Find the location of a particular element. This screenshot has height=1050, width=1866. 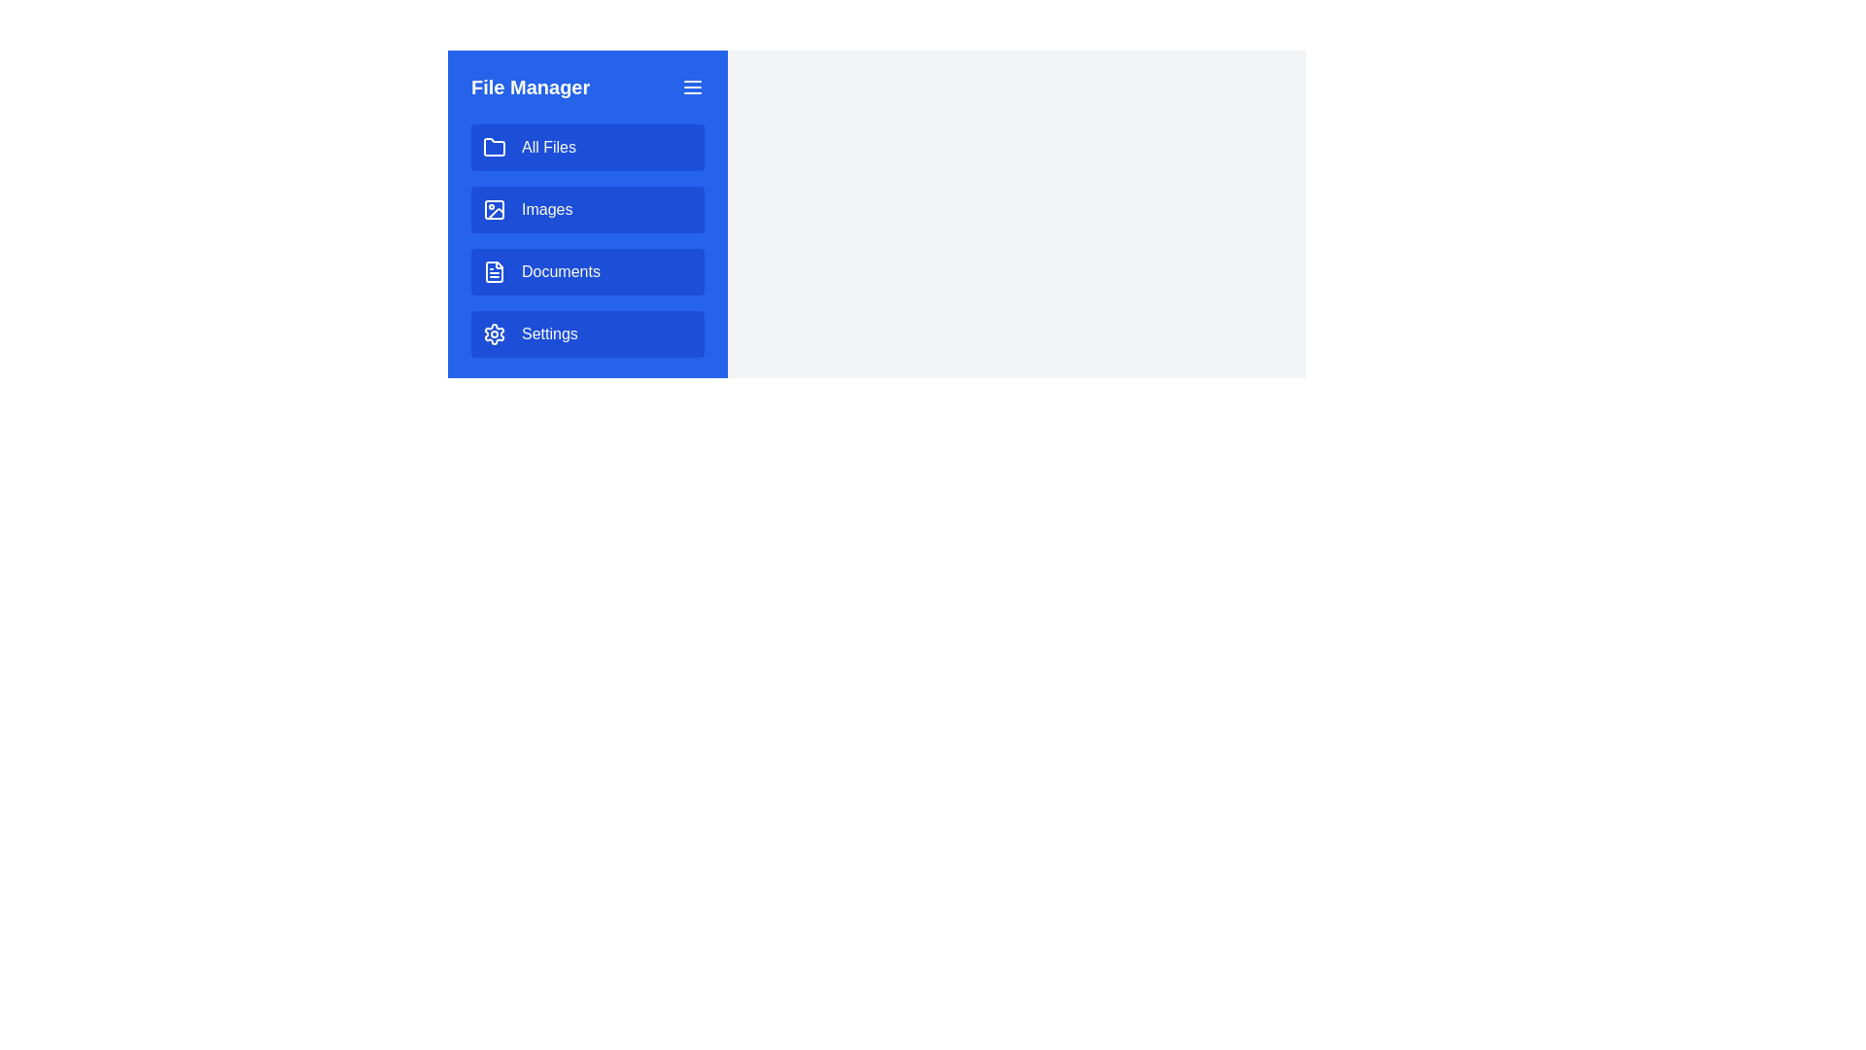

the navigation menu item labeled Settings is located at coordinates (586, 332).